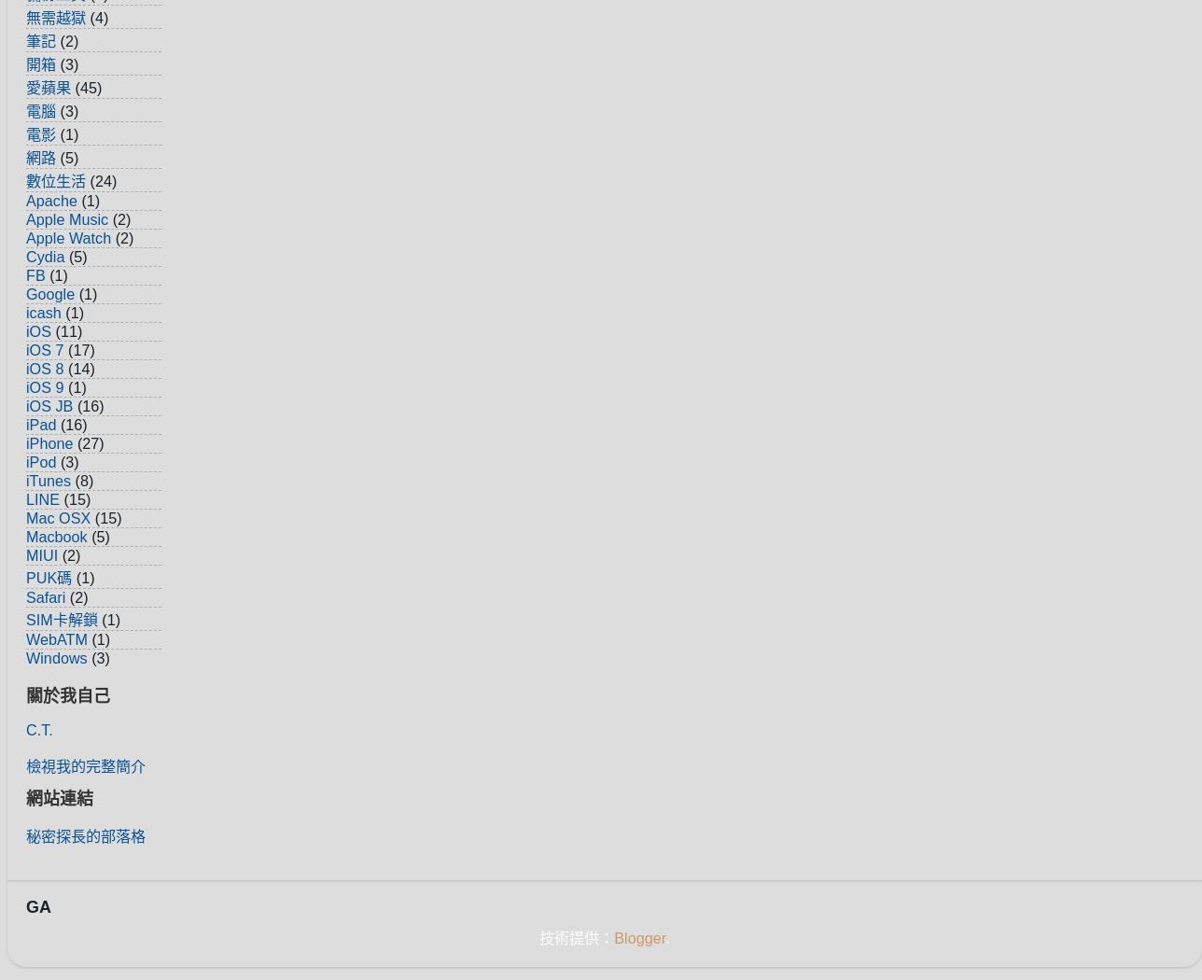 The image size is (1202, 980). I want to click on 'iOS 8', so click(45, 367).